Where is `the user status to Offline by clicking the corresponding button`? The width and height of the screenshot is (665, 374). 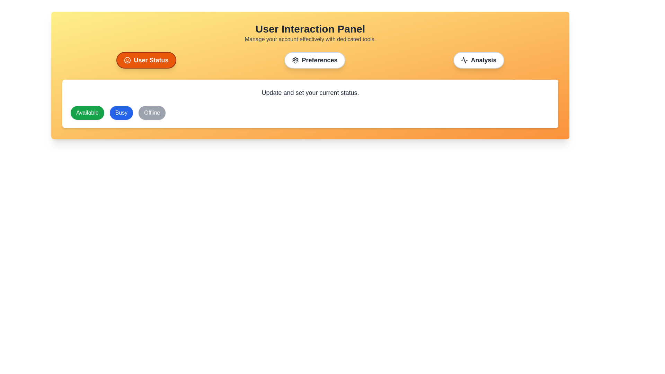
the user status to Offline by clicking the corresponding button is located at coordinates (151, 113).